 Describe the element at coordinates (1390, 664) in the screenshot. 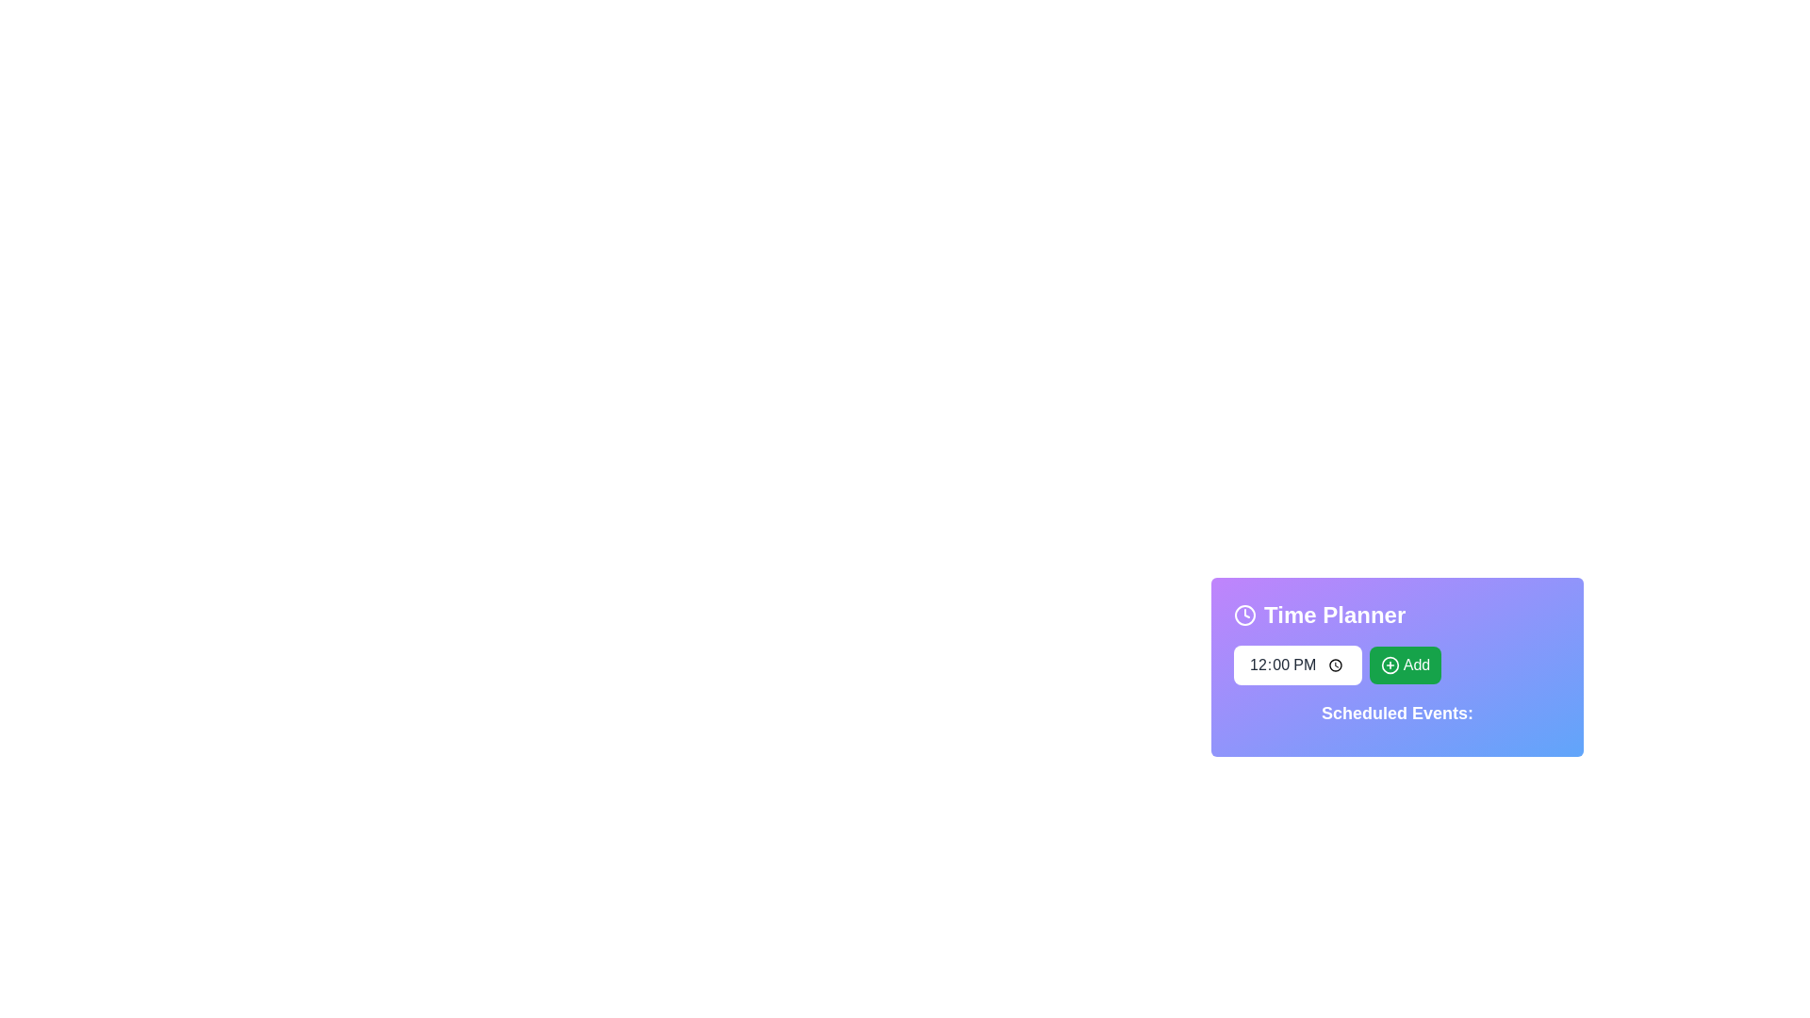

I see `the add icon located on the right-hand side of the 'Add' button` at that location.